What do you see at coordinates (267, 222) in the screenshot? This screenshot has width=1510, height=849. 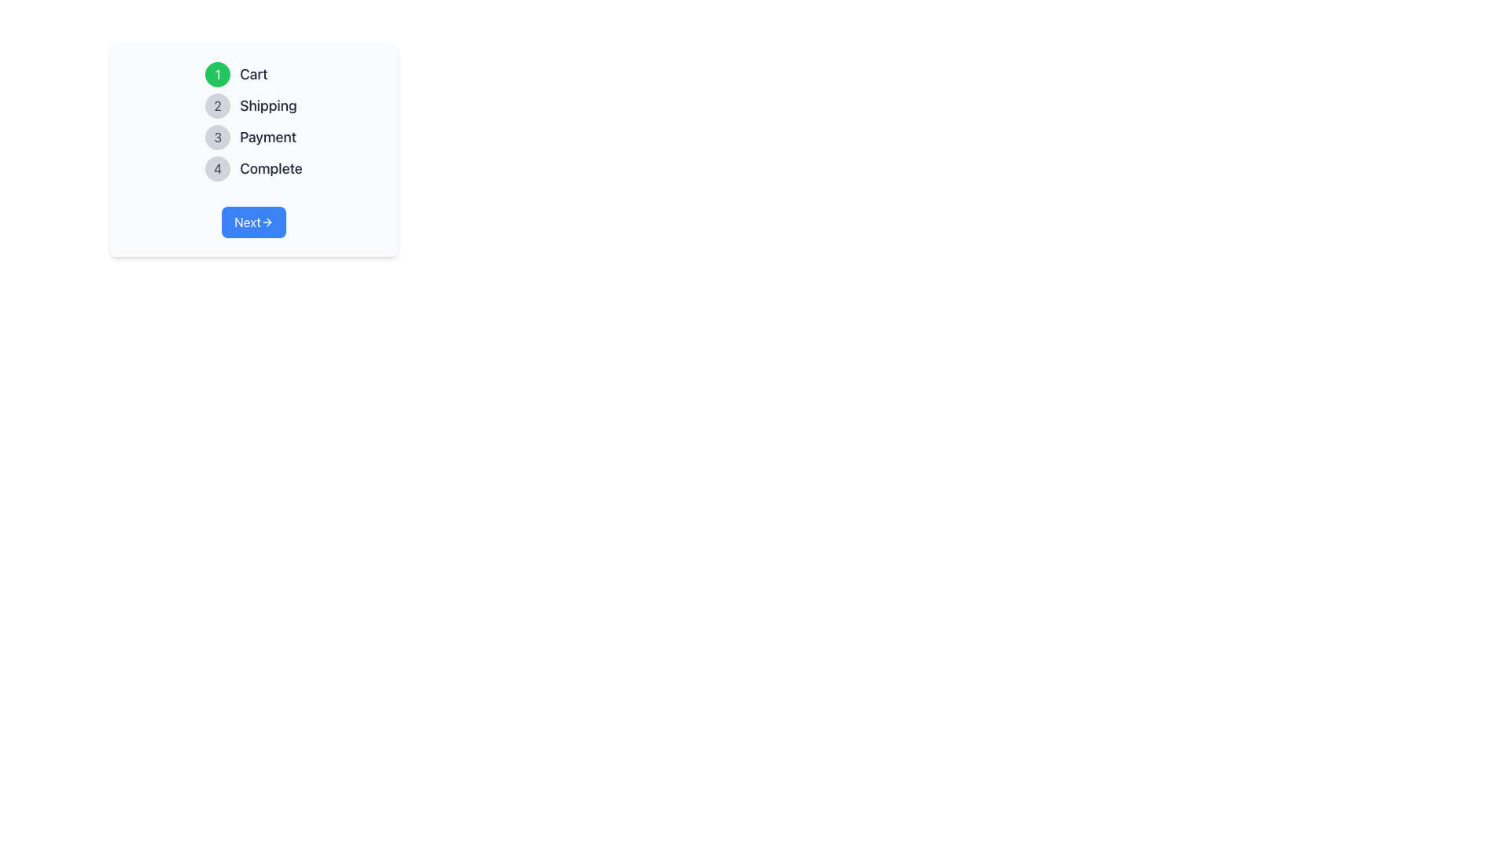 I see `the directional indicator icon located inside the blue 'Next' button` at bounding box center [267, 222].